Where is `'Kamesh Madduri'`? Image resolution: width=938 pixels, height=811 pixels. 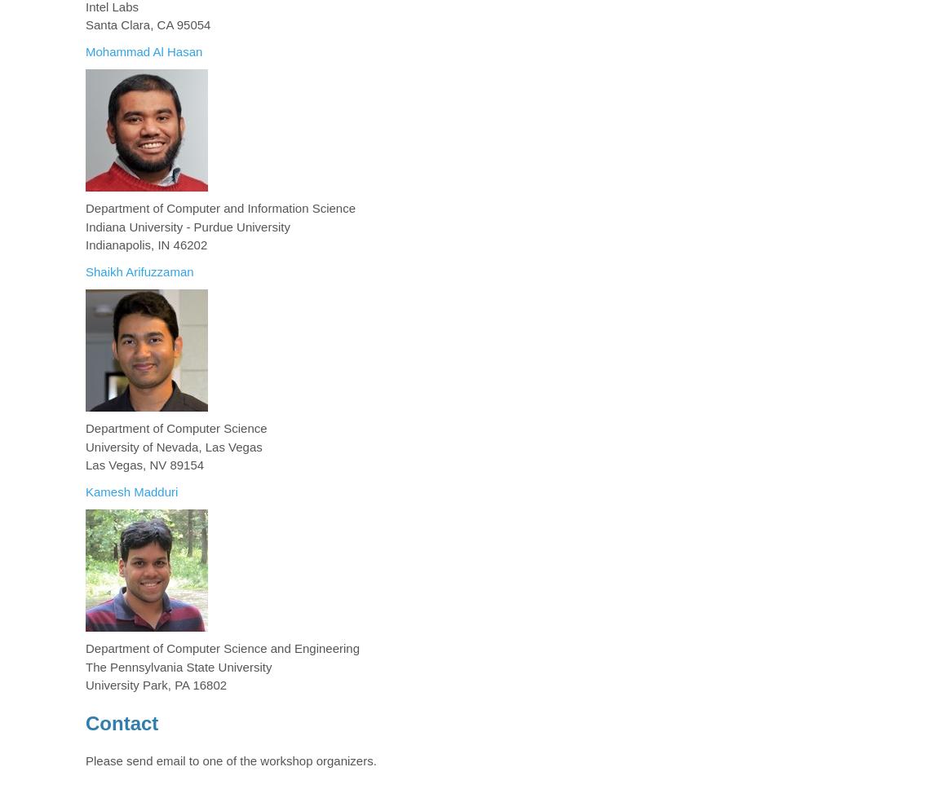 'Kamesh Madduri' is located at coordinates (131, 490).